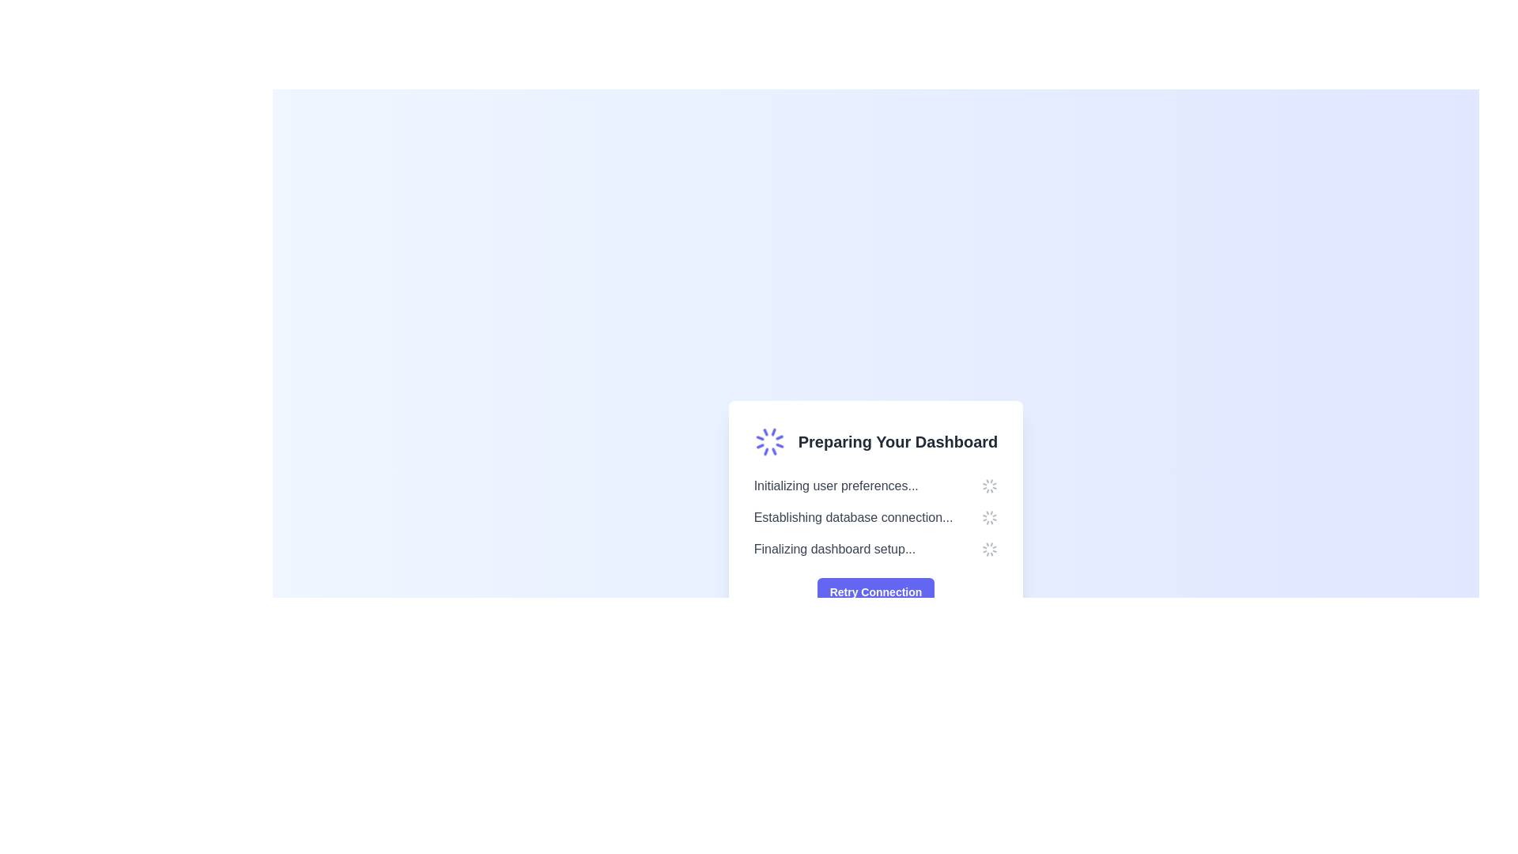  I want to click on the loading status of the Status Indicator with Text and Spinner displaying 'Establishing database connection...' located in the center of the card, positioned as the second item in a vertically stacked list, so click(875, 518).